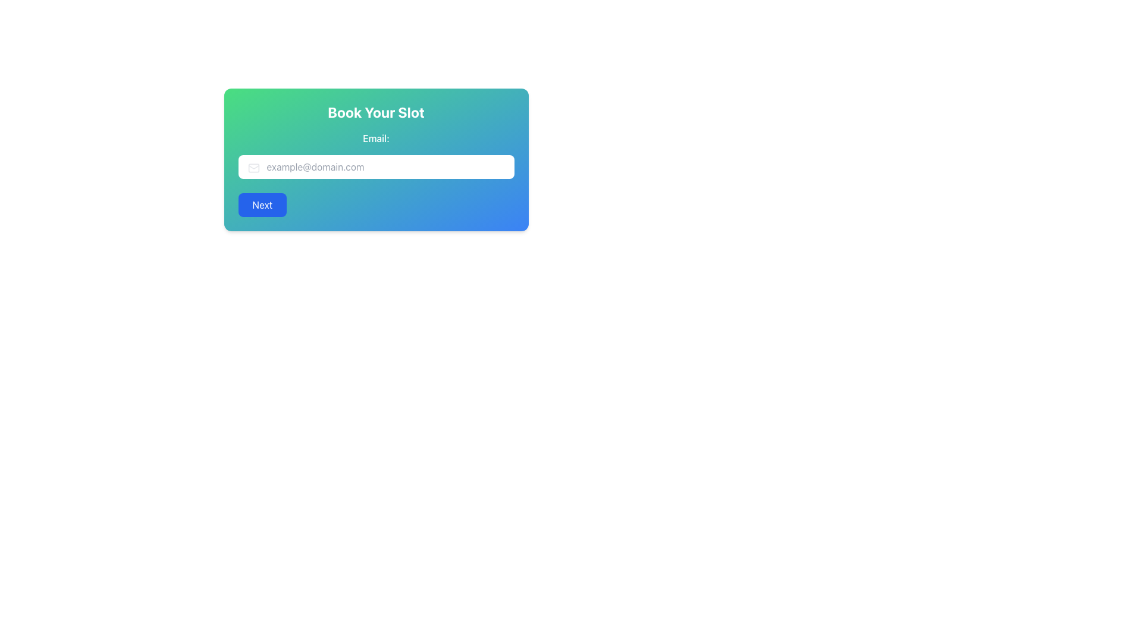  What do you see at coordinates (262, 204) in the screenshot?
I see `the 'Next' button located at the bottom left of the form card to proceed to the next step` at bounding box center [262, 204].